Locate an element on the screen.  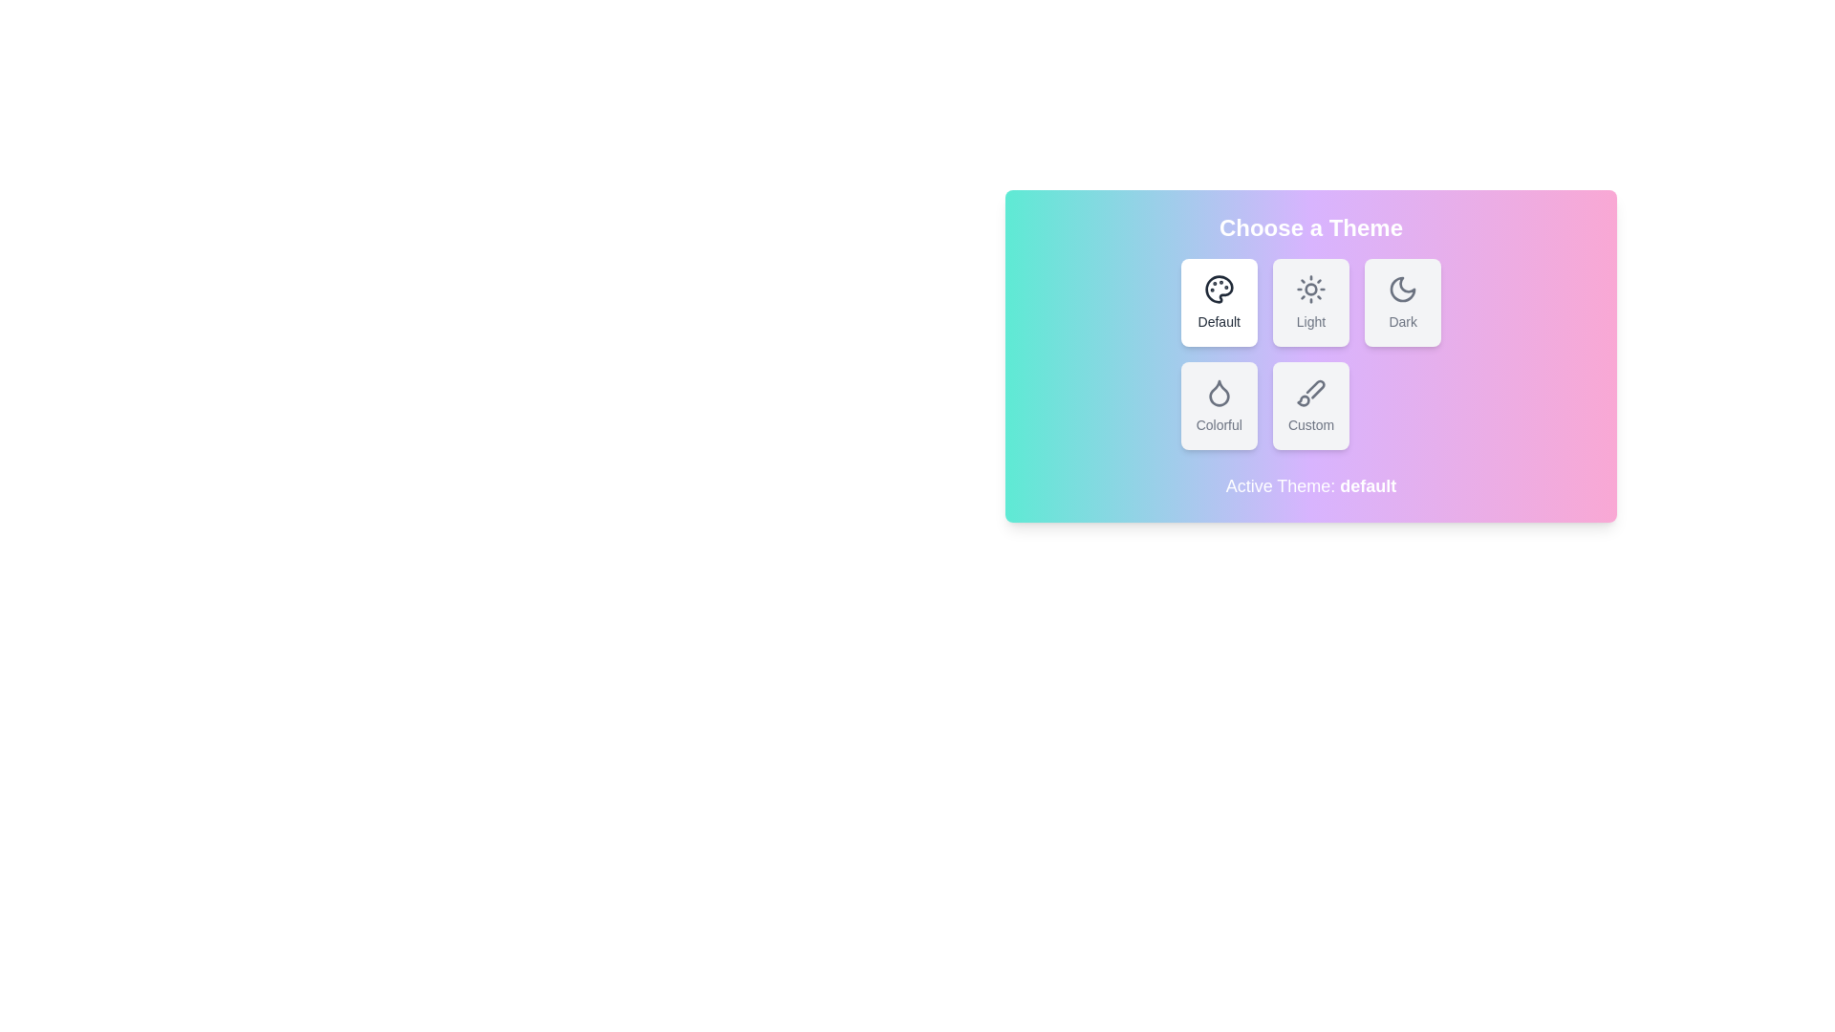
the theme light by clicking the corresponding button is located at coordinates (1310, 301).